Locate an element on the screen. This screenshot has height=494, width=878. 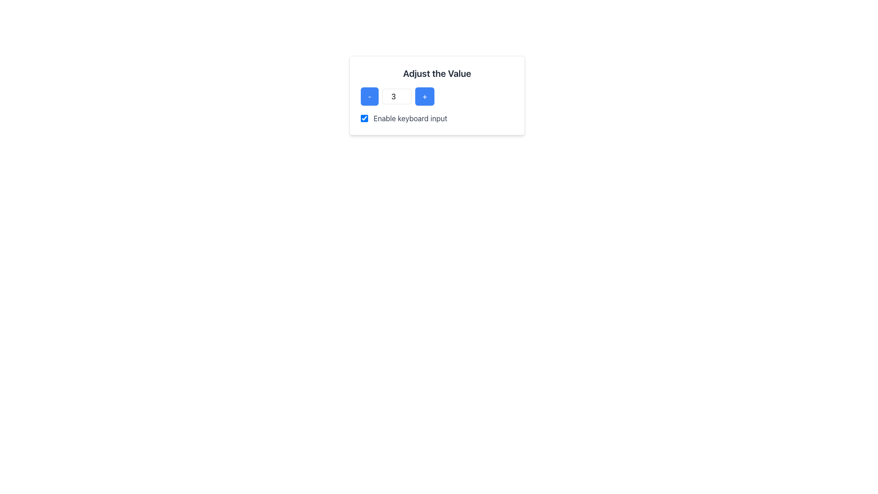
the first button in the group of three buttons, located to the left of the numeric input field under the title 'Adjust the Value' is located at coordinates (369, 97).